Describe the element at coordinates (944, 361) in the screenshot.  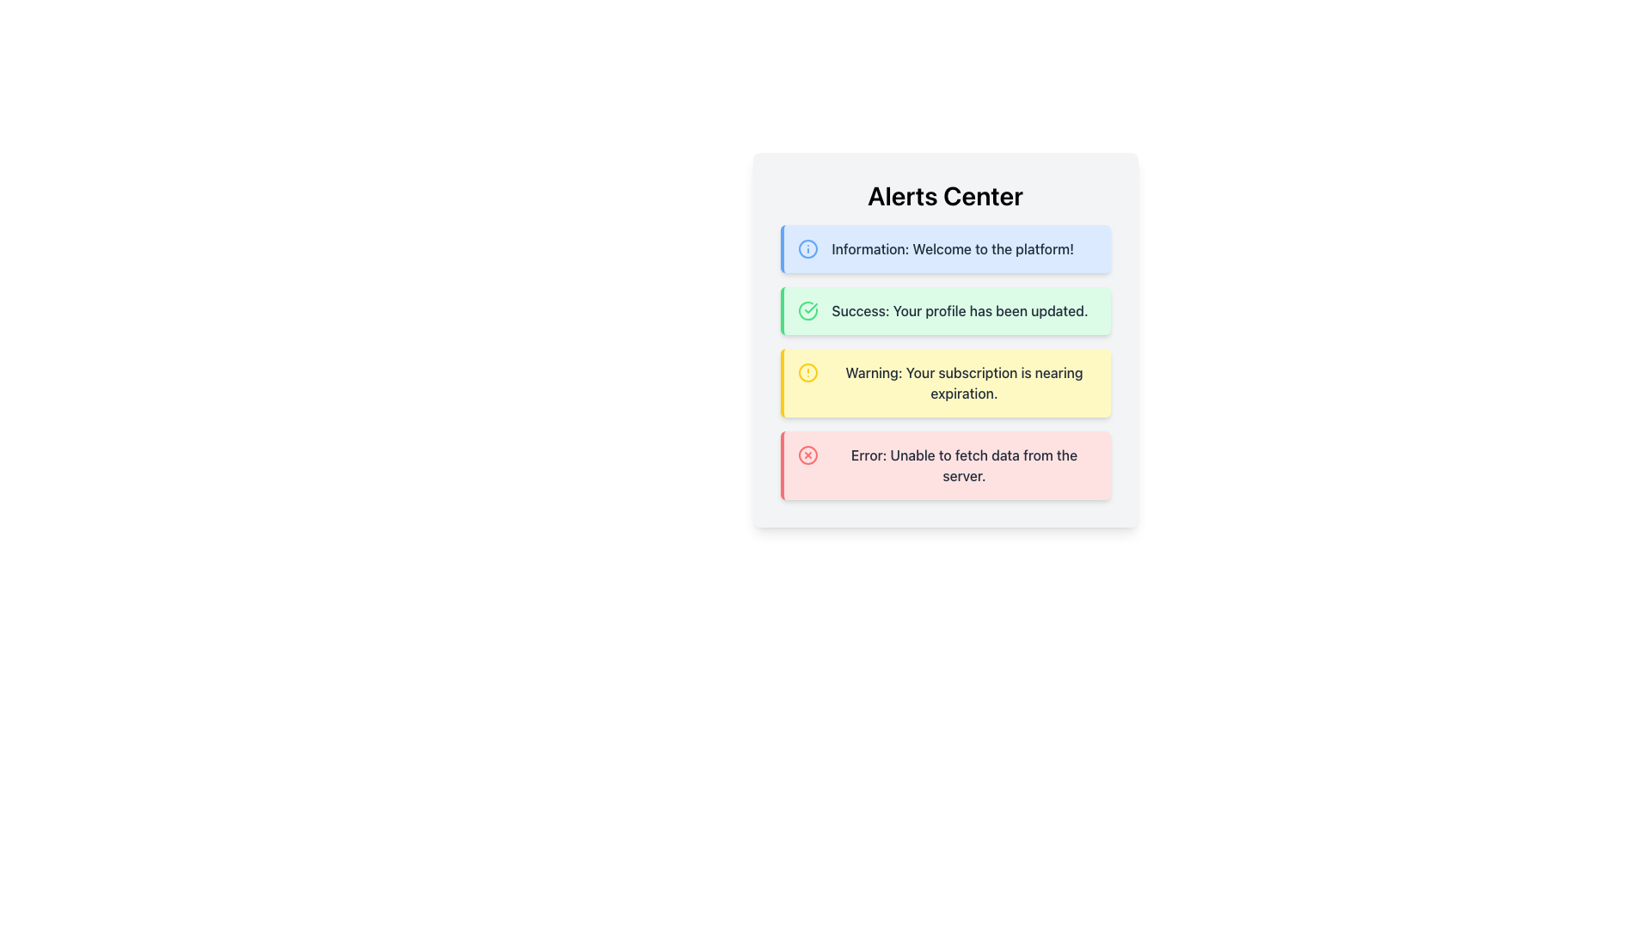
I see `the Notification Card that provides a warning about subscription expiration, located in the Alerts Center between the success alert and the error alert` at that location.